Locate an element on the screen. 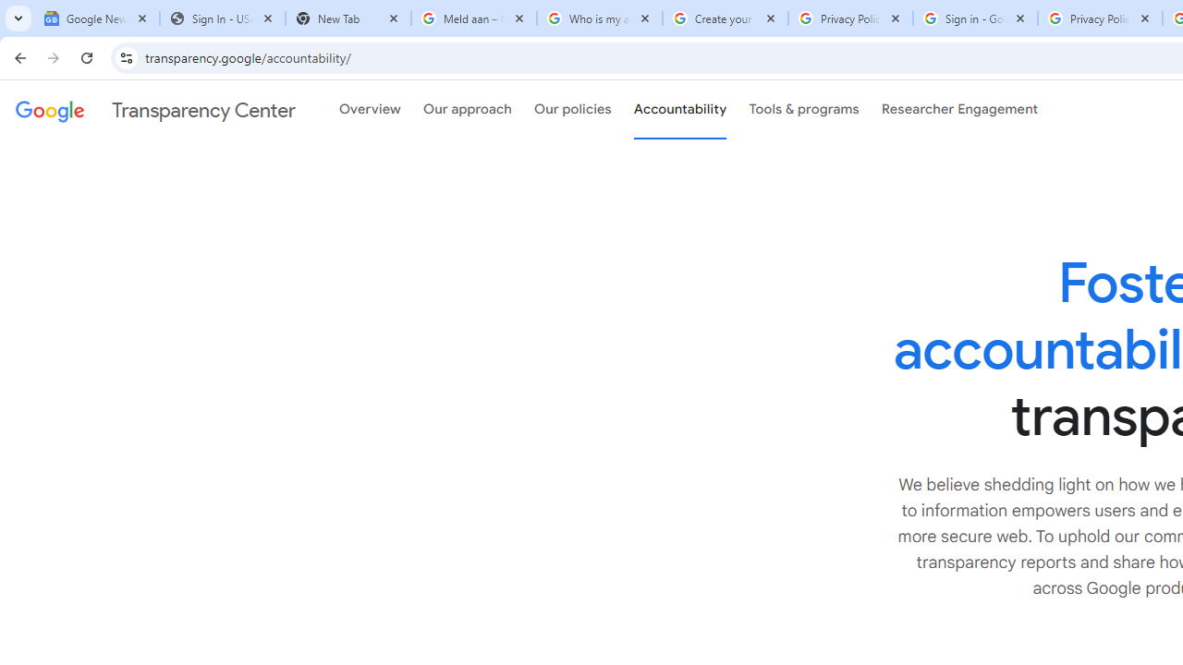 The image size is (1183, 665). 'Our approach' is located at coordinates (468, 110).